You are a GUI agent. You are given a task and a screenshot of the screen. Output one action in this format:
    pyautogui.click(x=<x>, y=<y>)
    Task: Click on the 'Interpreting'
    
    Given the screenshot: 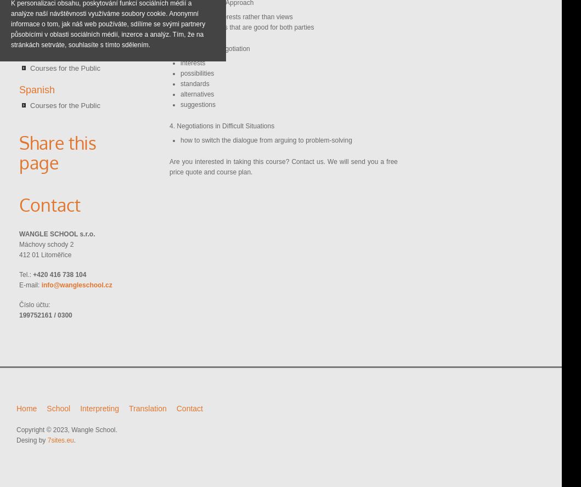 What is the action you would take?
    pyautogui.click(x=99, y=408)
    